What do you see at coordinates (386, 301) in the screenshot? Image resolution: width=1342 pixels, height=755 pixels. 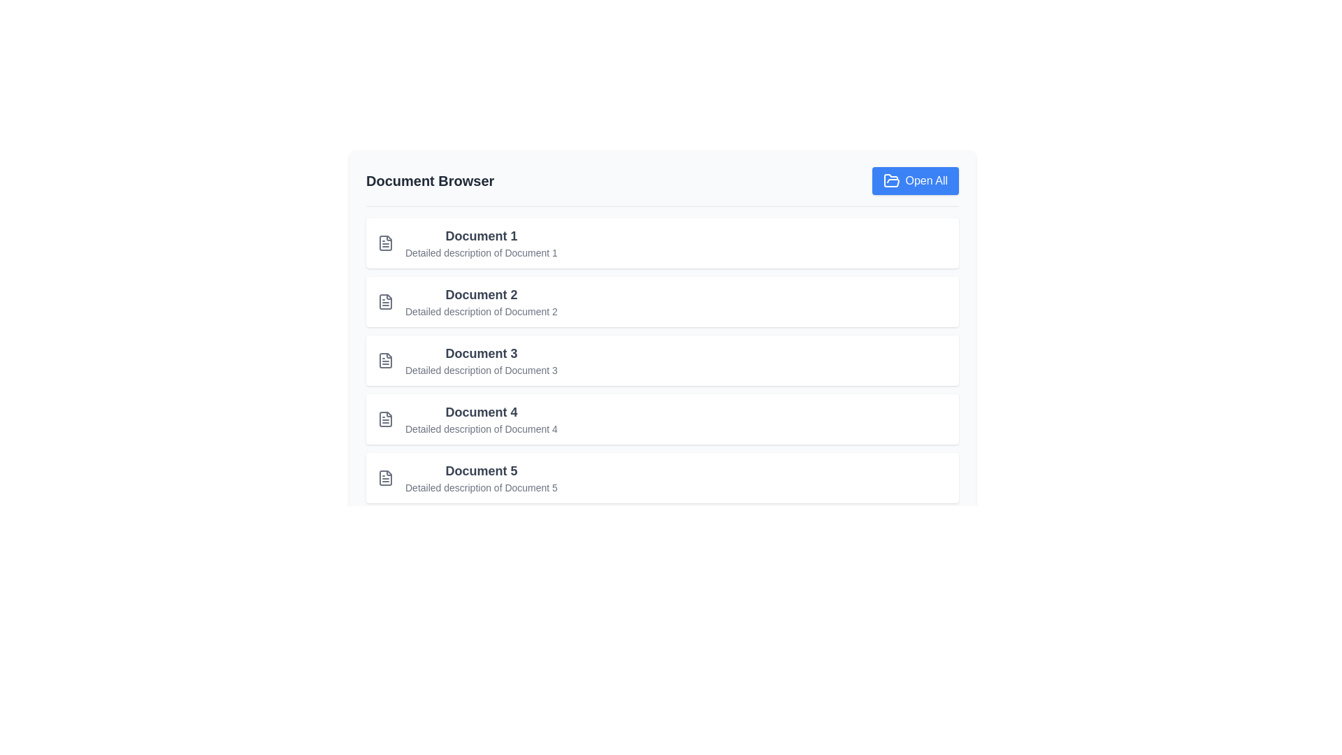 I see `the document icon located on the second list item titled 'Document 2' in the 'Document Browser' interface` at bounding box center [386, 301].